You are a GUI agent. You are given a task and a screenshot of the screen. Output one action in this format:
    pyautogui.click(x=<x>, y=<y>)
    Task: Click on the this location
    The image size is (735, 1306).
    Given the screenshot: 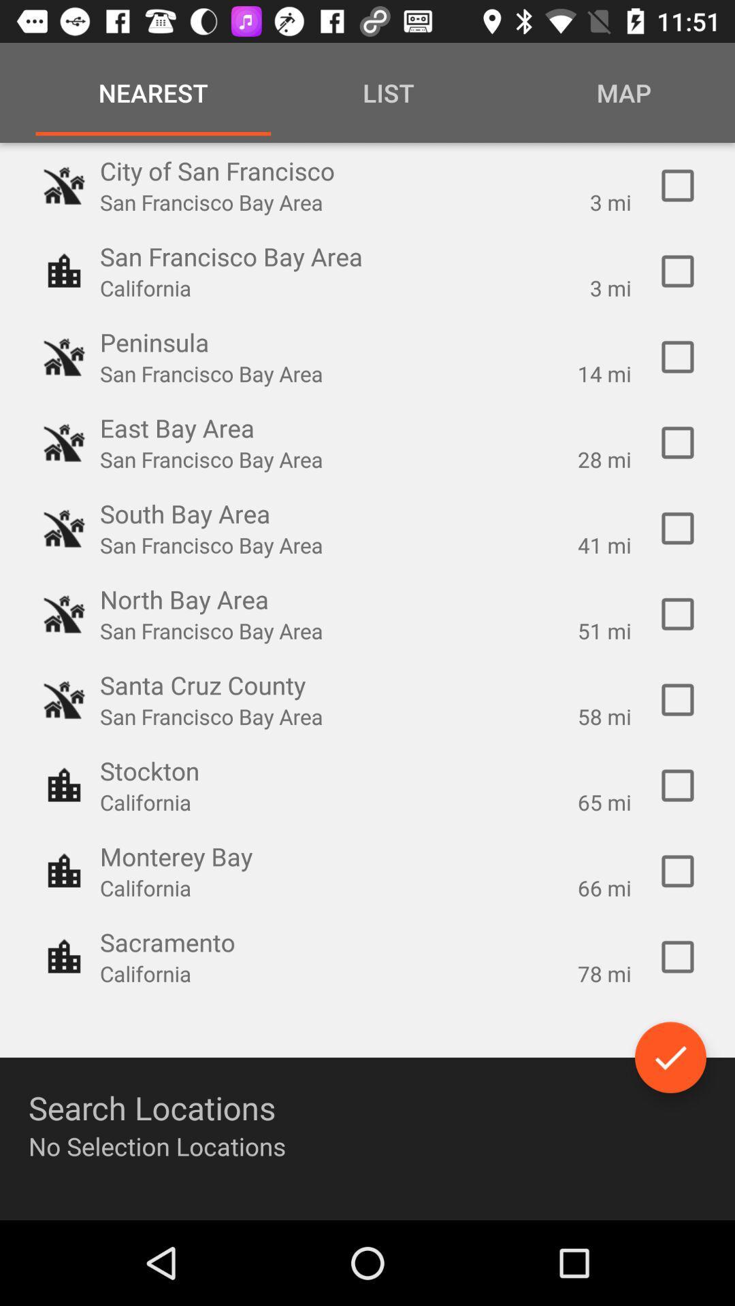 What is the action you would take?
    pyautogui.click(x=677, y=871)
    